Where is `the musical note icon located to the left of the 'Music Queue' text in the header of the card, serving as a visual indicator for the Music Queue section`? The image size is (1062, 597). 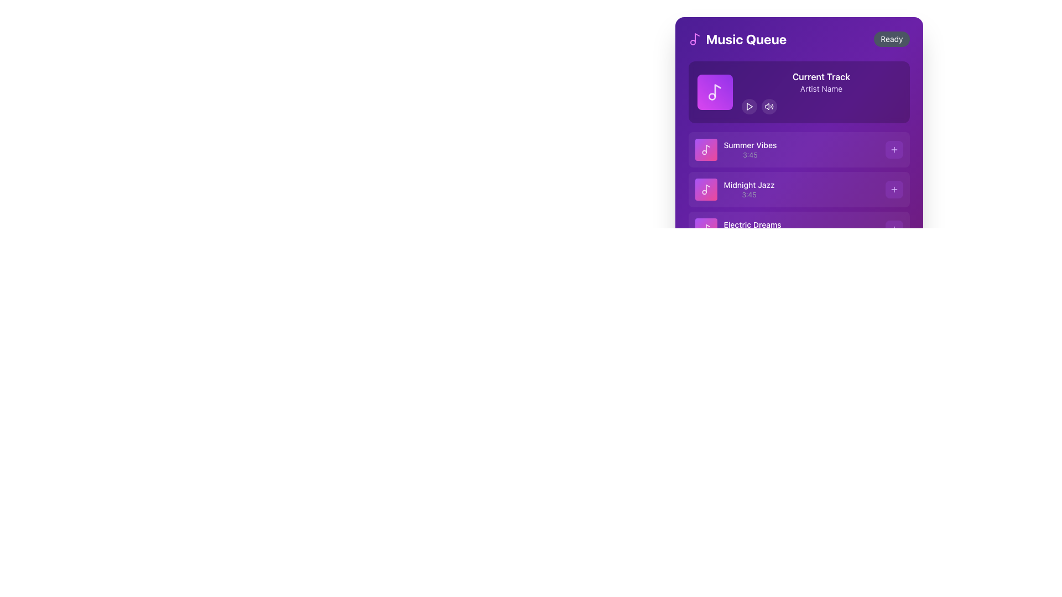 the musical note icon located to the left of the 'Music Queue' text in the header of the card, serving as a visual indicator for the Music Queue section is located at coordinates (694, 38).